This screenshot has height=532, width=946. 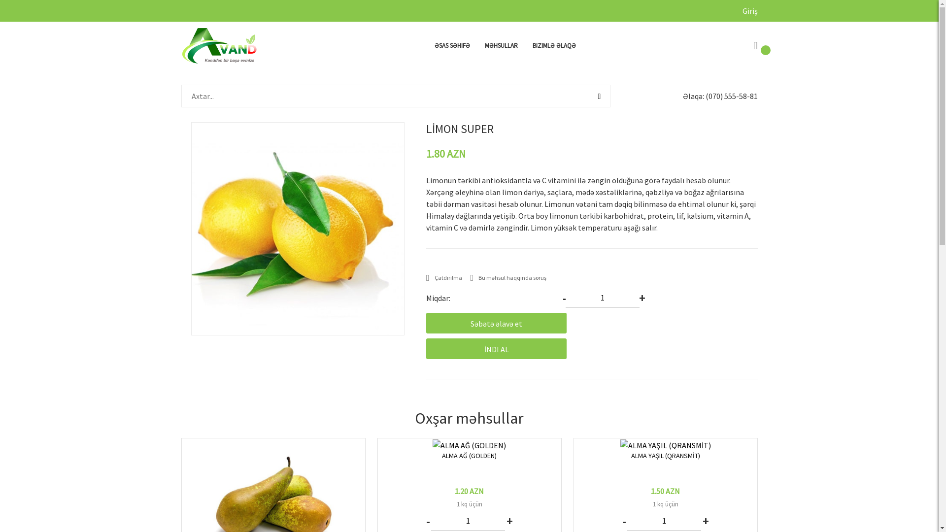 I want to click on '+', so click(x=642, y=298).